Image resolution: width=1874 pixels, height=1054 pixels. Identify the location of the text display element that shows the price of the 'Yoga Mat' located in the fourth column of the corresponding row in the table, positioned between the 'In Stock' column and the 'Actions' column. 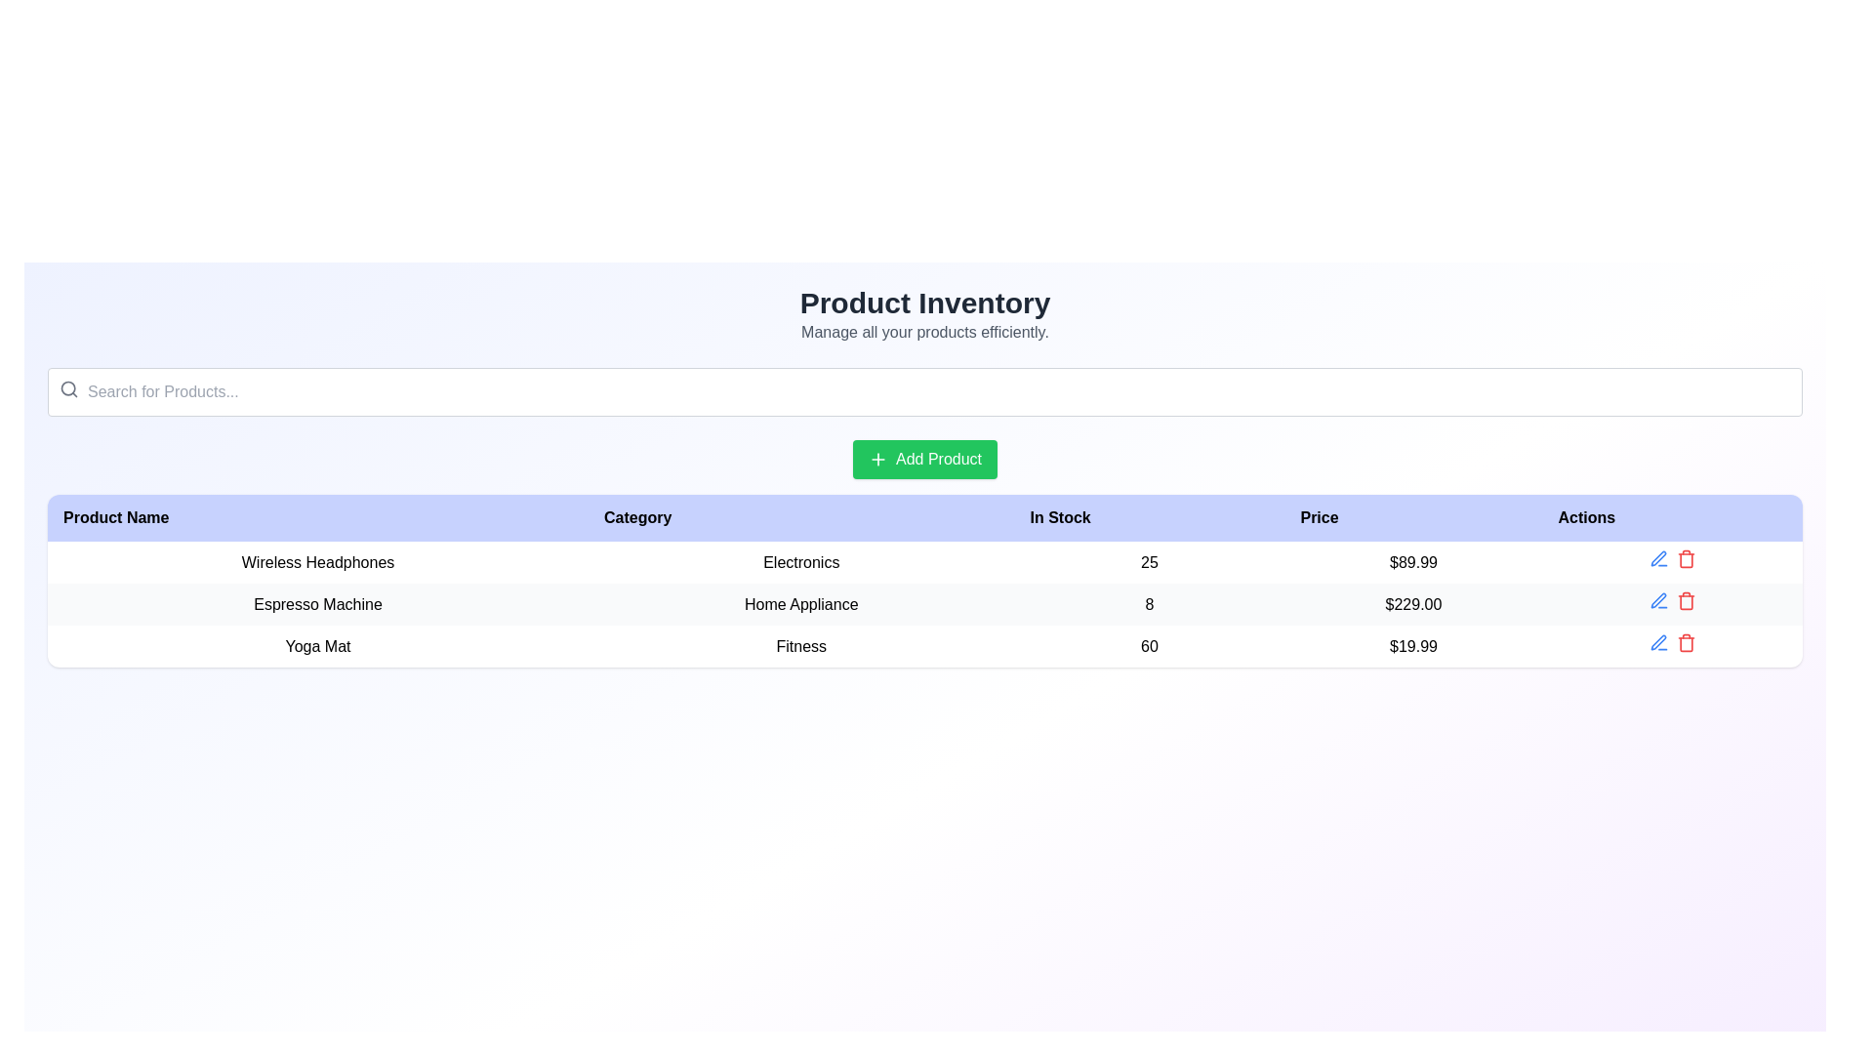
(1413, 646).